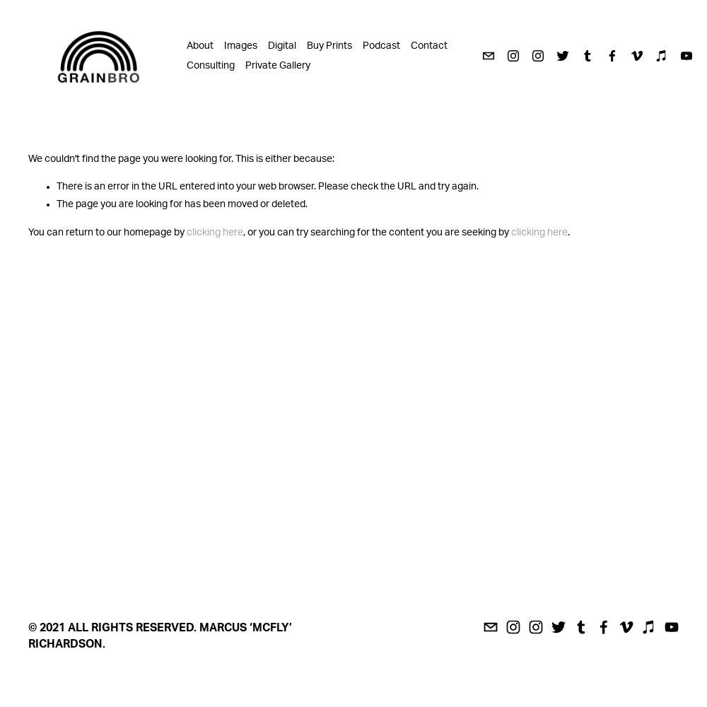  What do you see at coordinates (107, 231) in the screenshot?
I see `'You can return to our homepage by'` at bounding box center [107, 231].